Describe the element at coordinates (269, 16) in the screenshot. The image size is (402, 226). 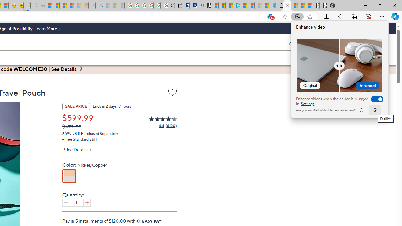
I see `'You have the best price!'` at that location.